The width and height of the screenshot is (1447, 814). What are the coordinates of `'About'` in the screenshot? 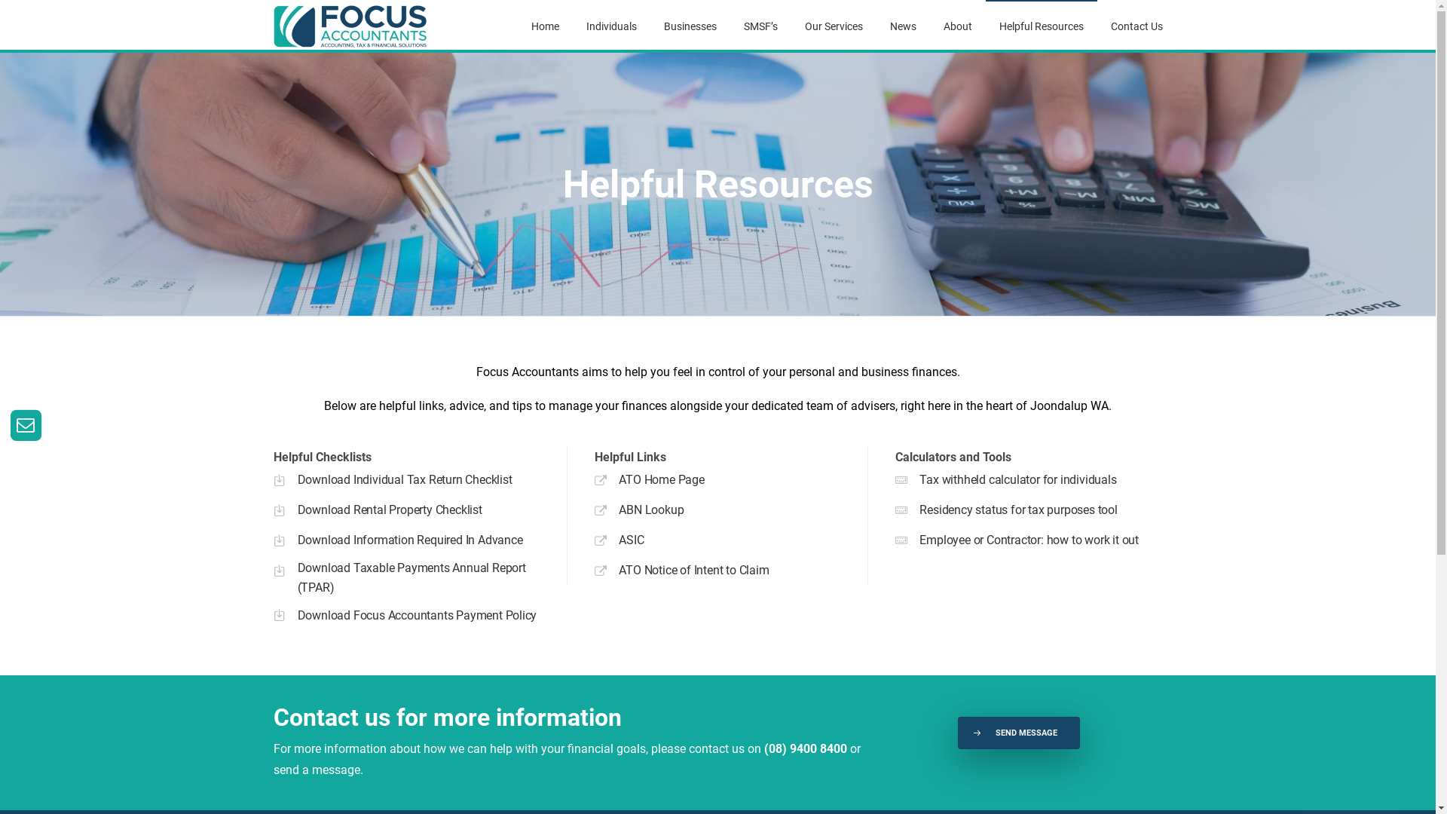 It's located at (957, 26).